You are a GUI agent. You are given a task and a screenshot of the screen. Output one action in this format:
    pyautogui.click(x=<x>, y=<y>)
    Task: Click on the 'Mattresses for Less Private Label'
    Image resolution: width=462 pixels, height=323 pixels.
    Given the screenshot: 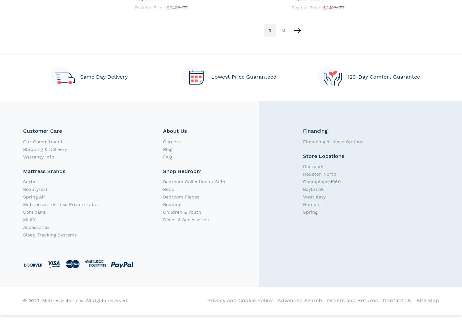 What is the action you would take?
    pyautogui.click(x=61, y=204)
    